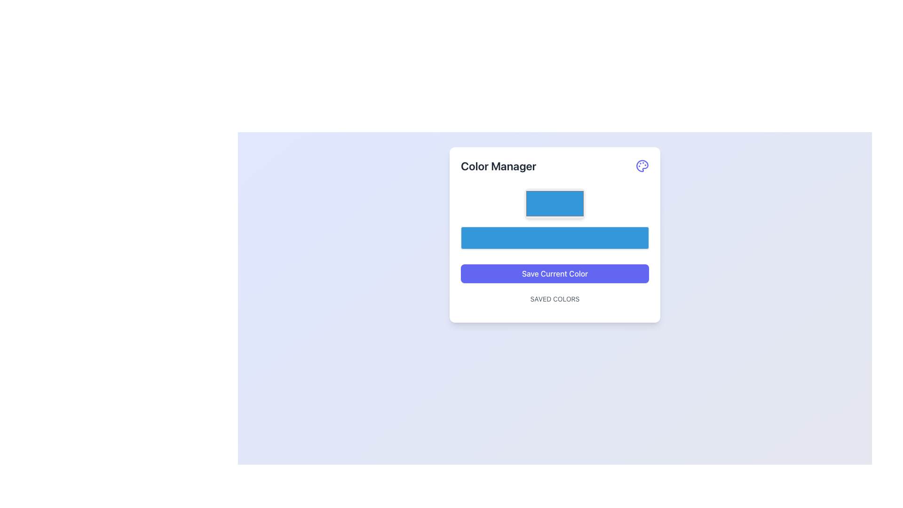 Image resolution: width=903 pixels, height=508 pixels. I want to click on the Text Label indicating the section of saved colors in the 'Color Manager' interface, positioned below the 'Save Current Color' button, so click(555, 299).